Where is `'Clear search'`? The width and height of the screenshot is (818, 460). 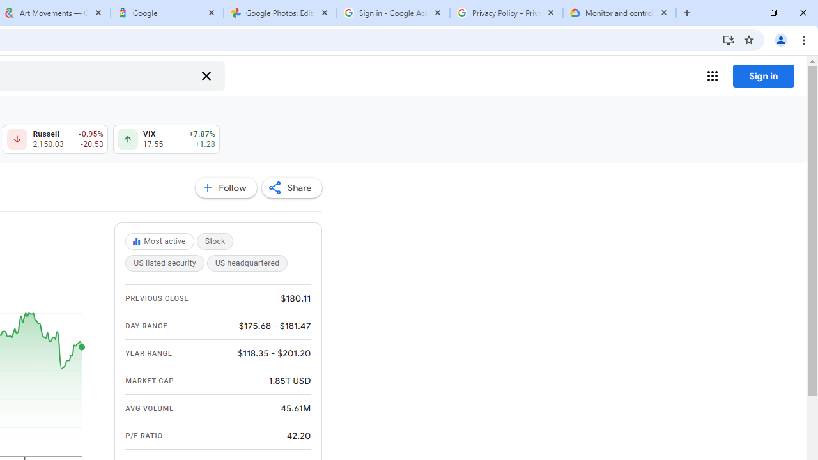 'Clear search' is located at coordinates (206, 75).